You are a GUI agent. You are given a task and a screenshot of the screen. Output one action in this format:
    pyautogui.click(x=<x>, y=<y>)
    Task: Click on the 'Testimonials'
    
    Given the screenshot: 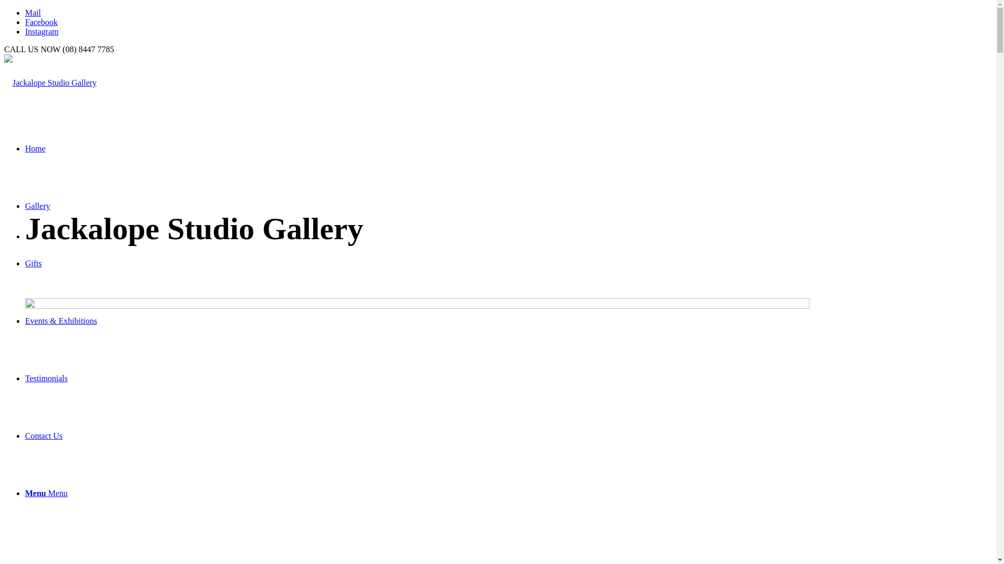 What is the action you would take?
    pyautogui.click(x=46, y=378)
    